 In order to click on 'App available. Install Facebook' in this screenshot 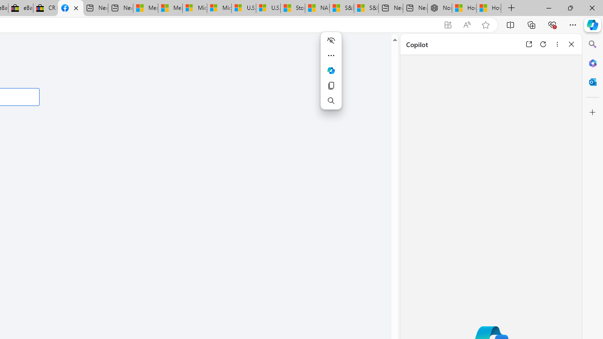, I will do `click(448, 24)`.